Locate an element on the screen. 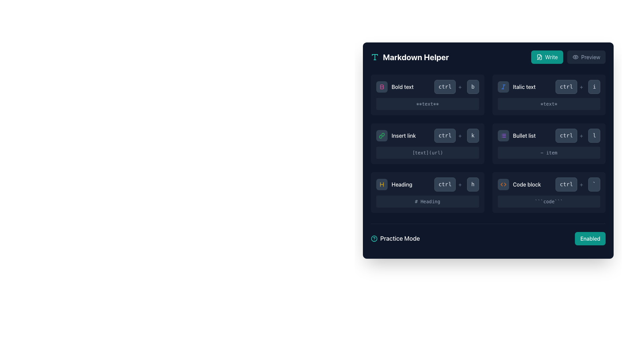  the button displaying the letter 'h' with a dark slate background, located in the 'Heading' section of the interface, which represents the keyboard shortcut 'ctrl + h' is located at coordinates (472, 184).